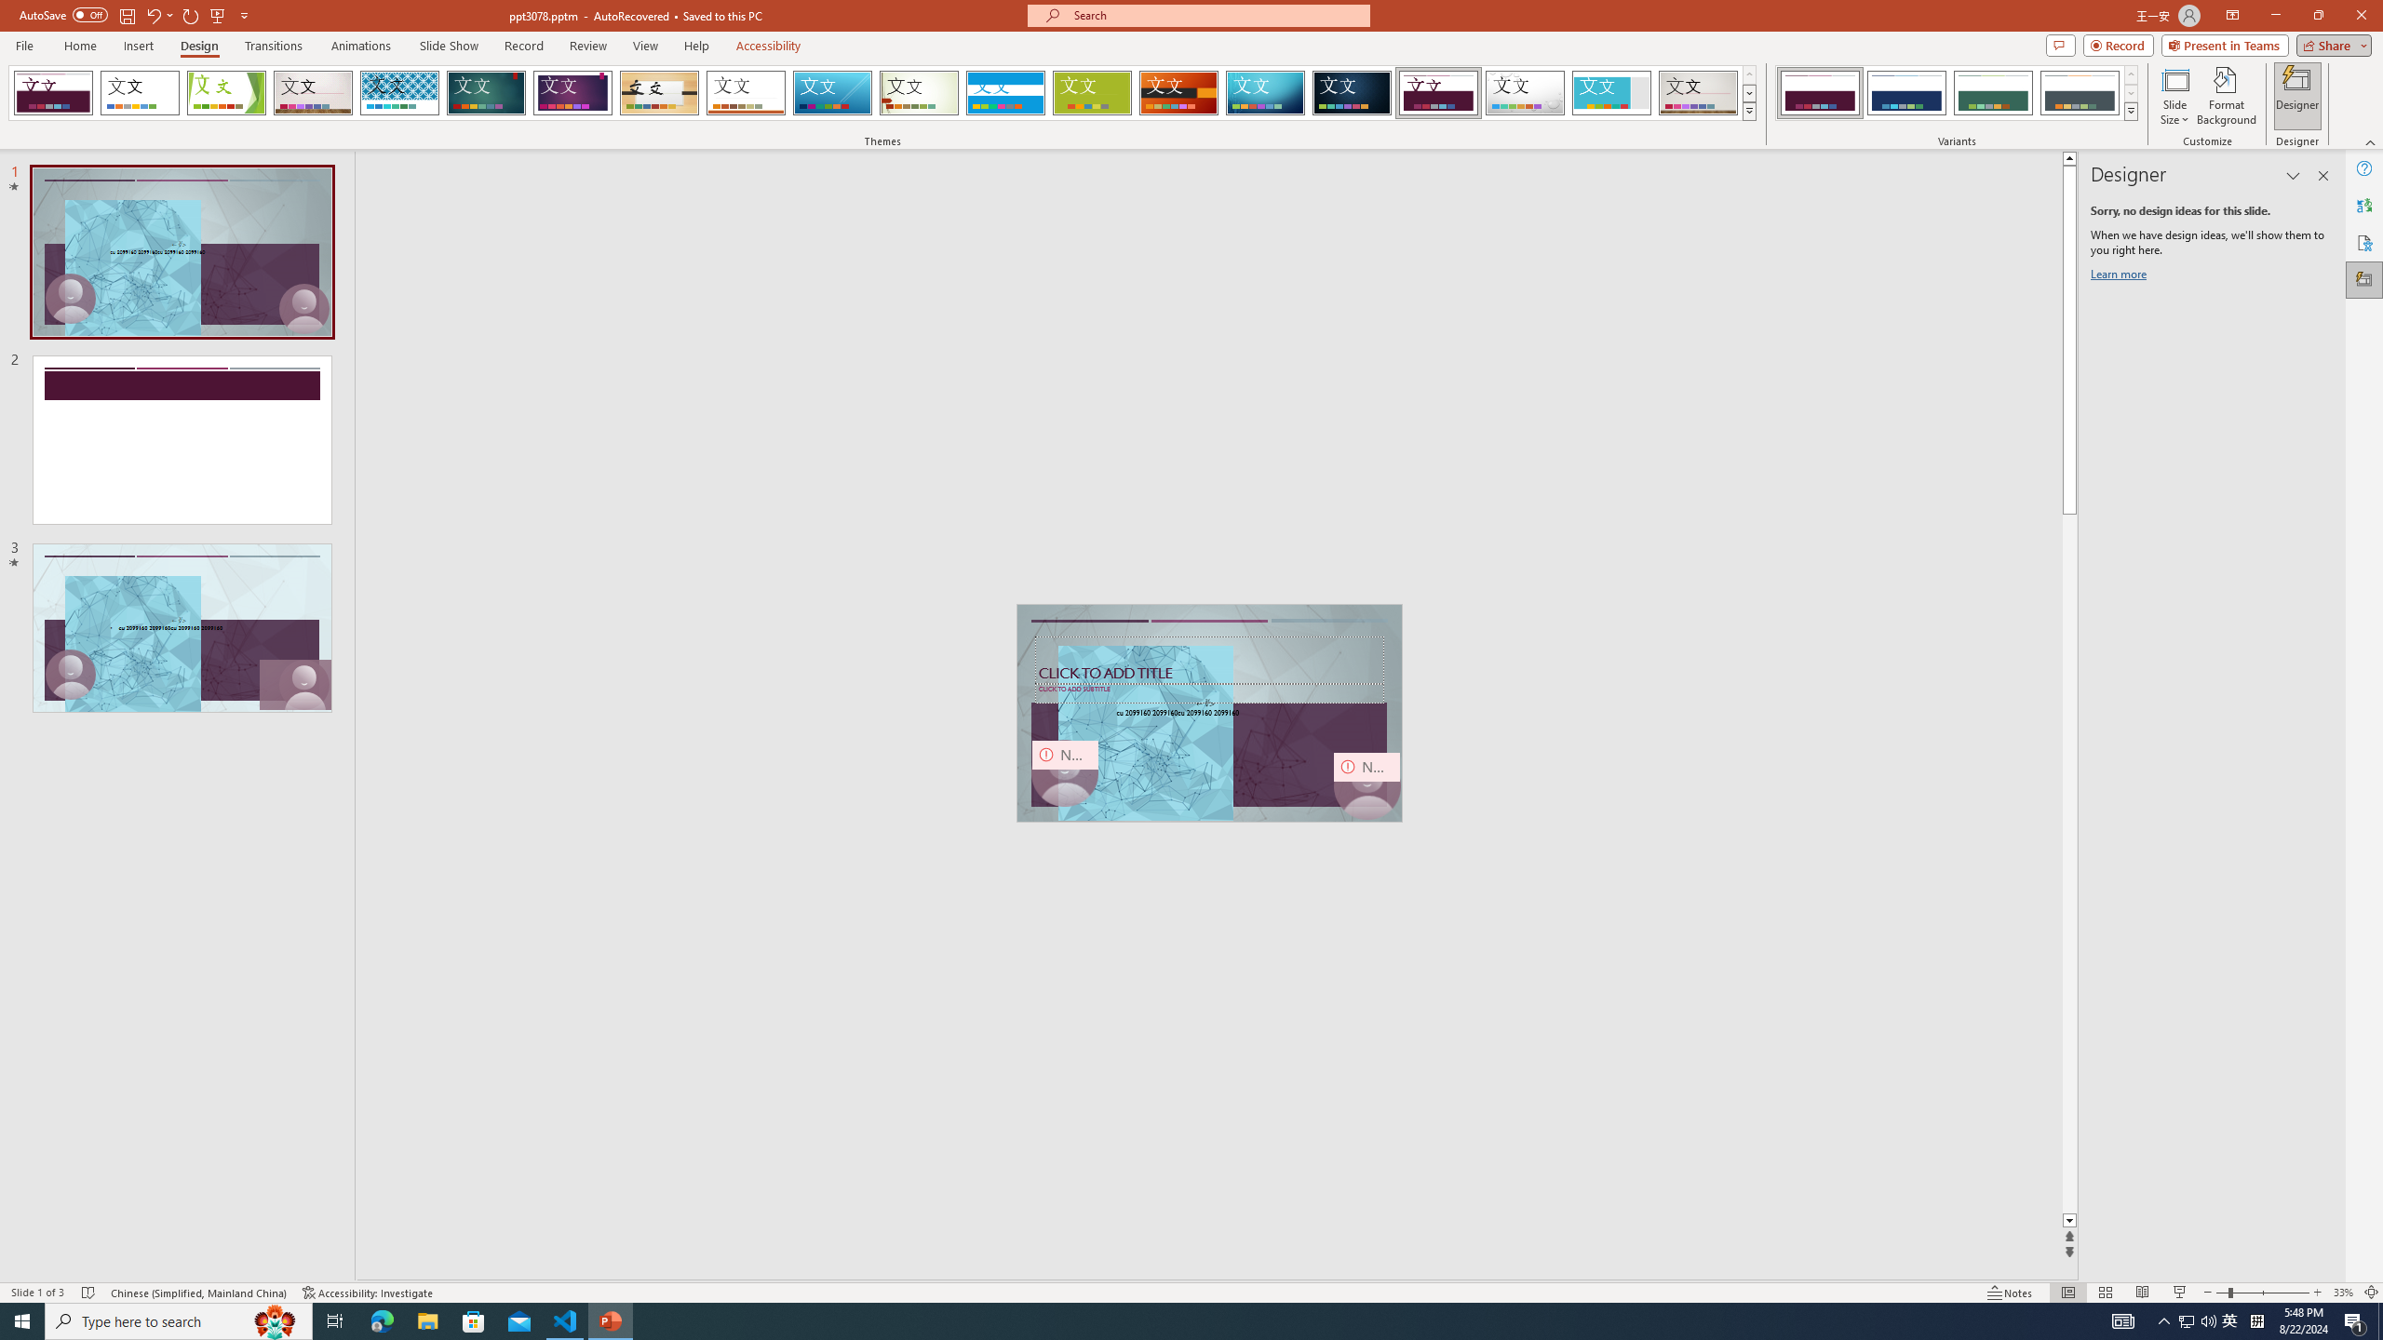  What do you see at coordinates (2261, 1293) in the screenshot?
I see `'Zoom'` at bounding box center [2261, 1293].